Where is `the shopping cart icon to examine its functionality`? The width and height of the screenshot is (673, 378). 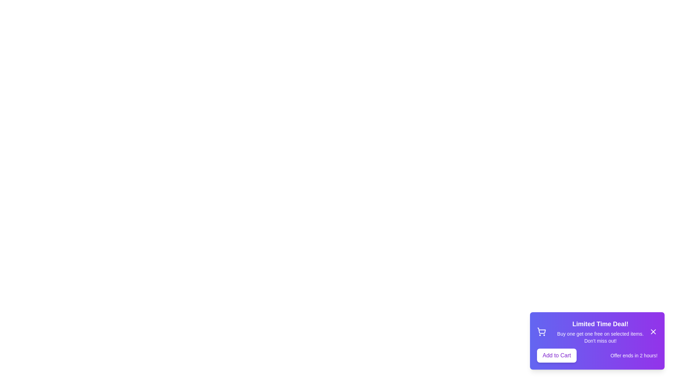 the shopping cart icon to examine its functionality is located at coordinates (541, 331).